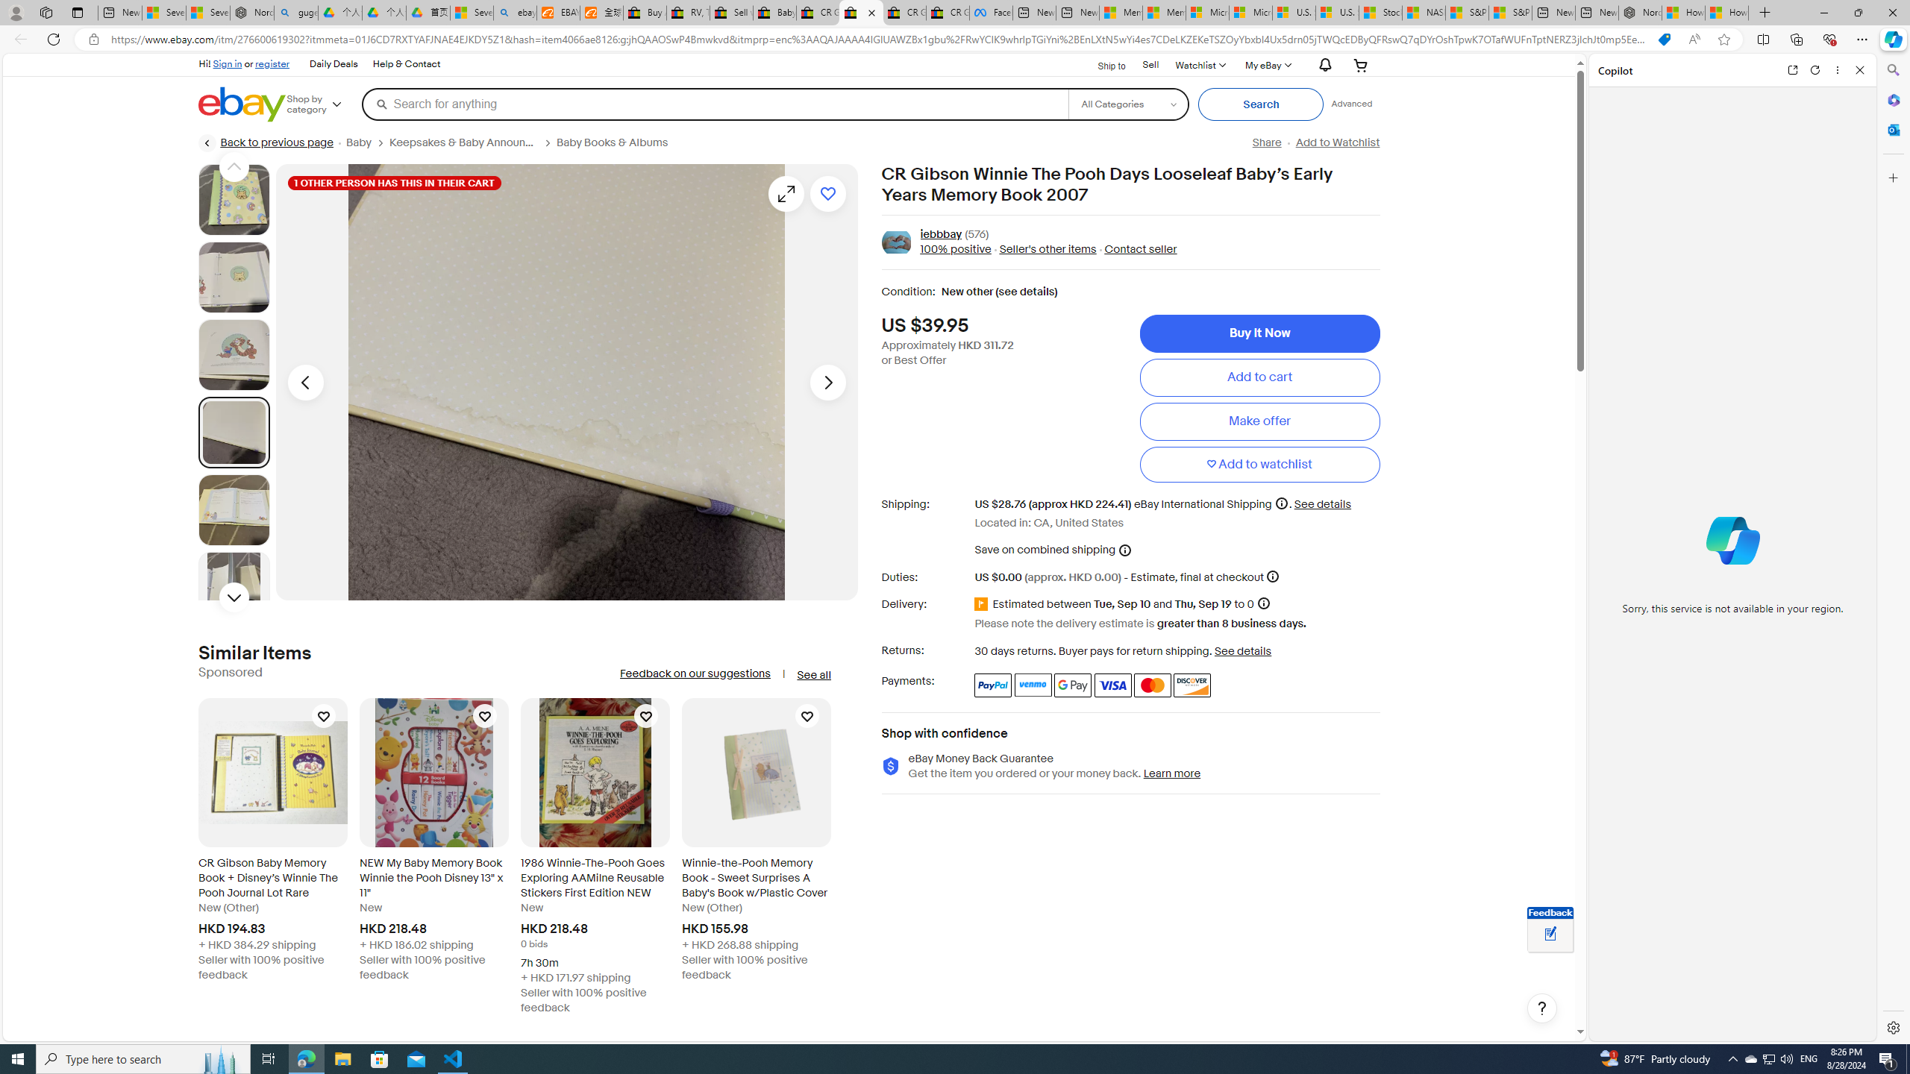  Describe the element at coordinates (1101, 63) in the screenshot. I see `'Ship to'` at that location.